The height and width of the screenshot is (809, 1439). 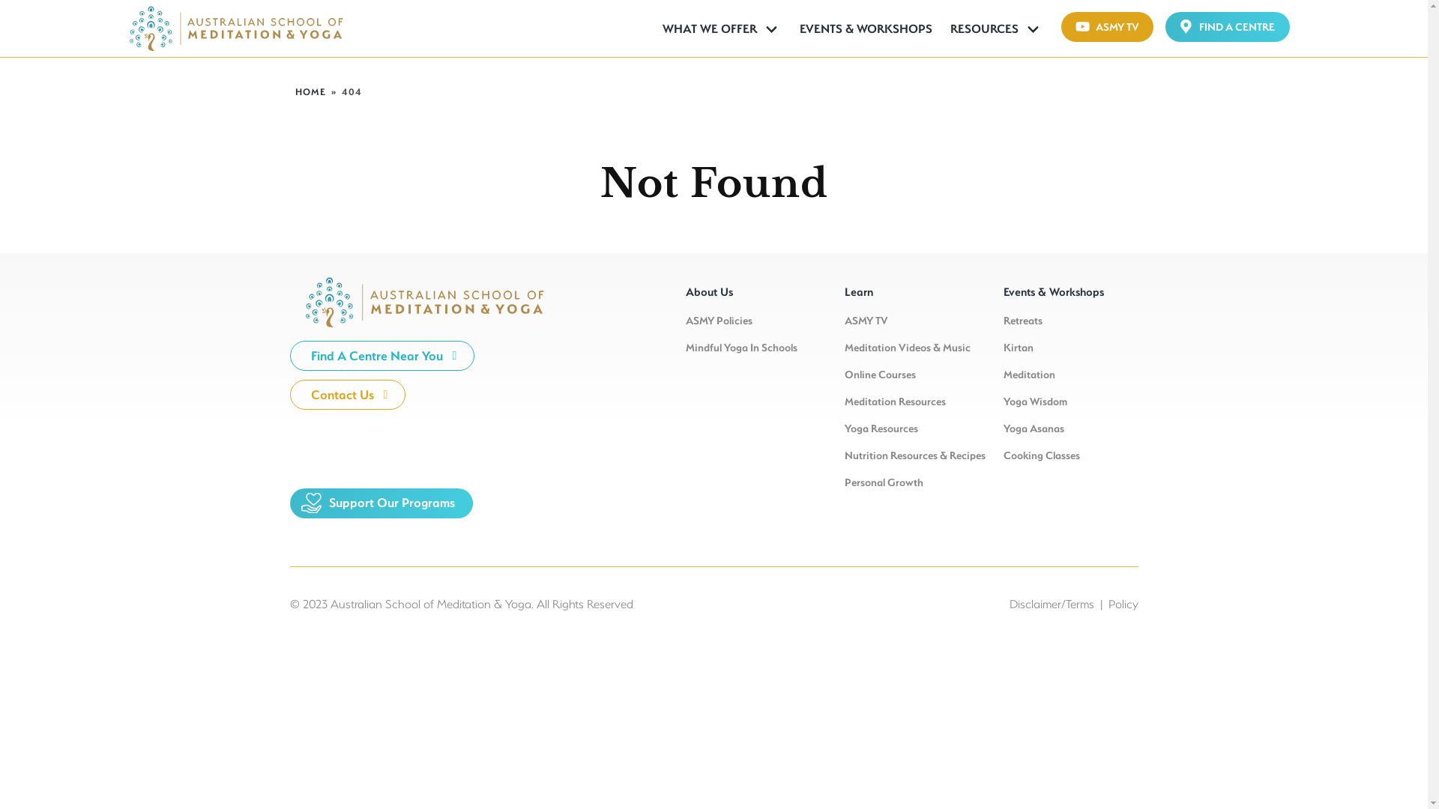 I want to click on 'Events & Workshops', so click(x=1003, y=292).